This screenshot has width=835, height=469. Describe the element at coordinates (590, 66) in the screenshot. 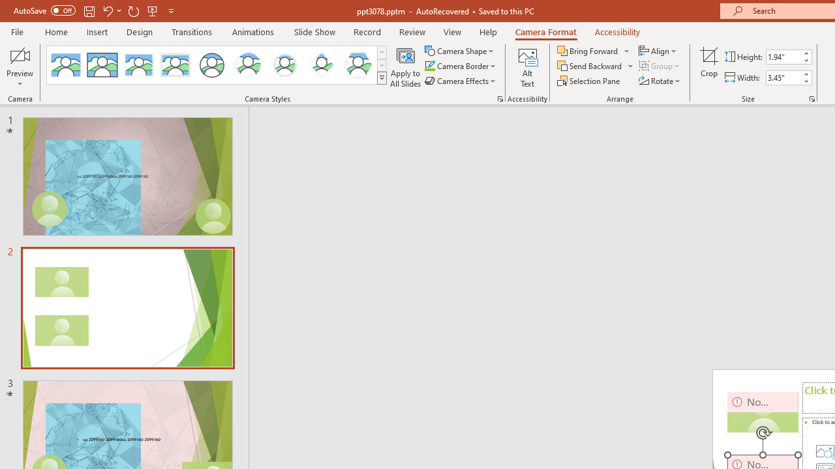

I see `'Send Backward'` at that location.